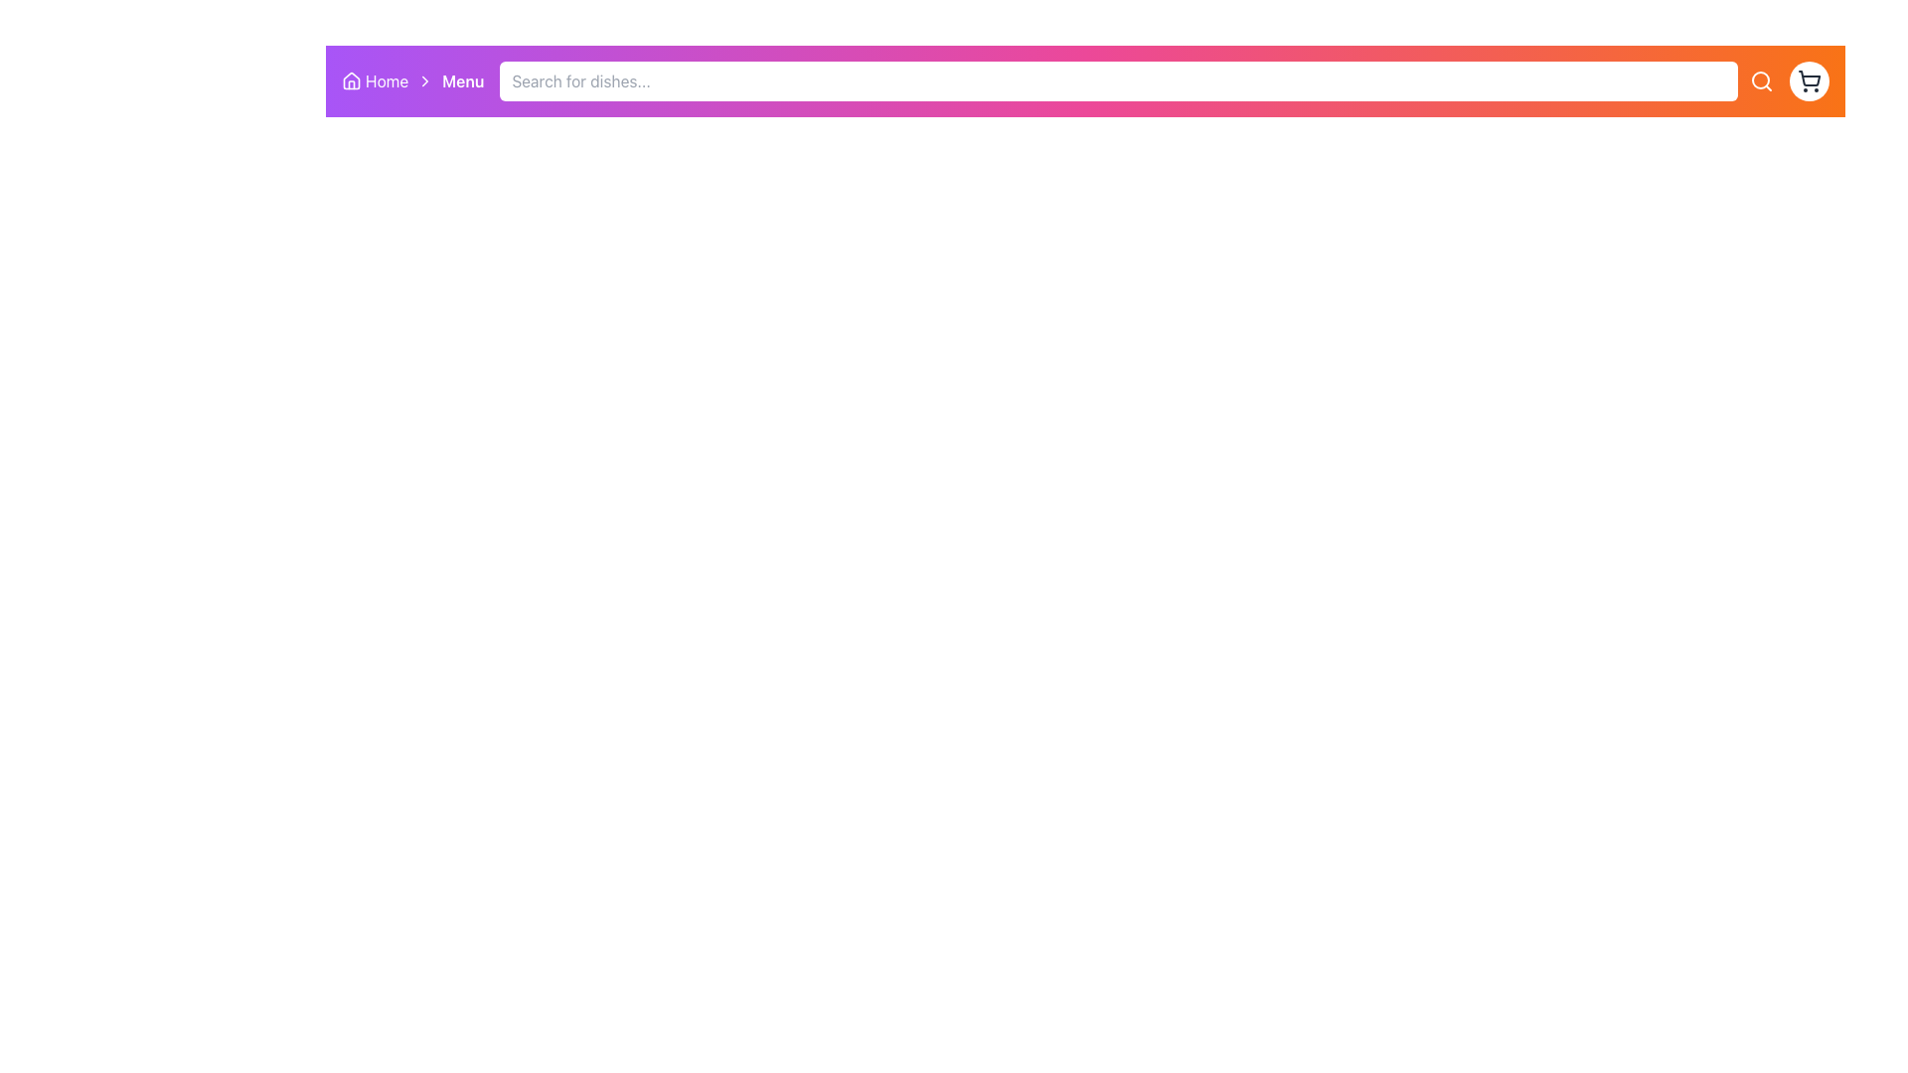  I want to click on the 'Home' text label, which is styled with white text on a purple background and located on the left side of the navigation bar, so click(387, 79).